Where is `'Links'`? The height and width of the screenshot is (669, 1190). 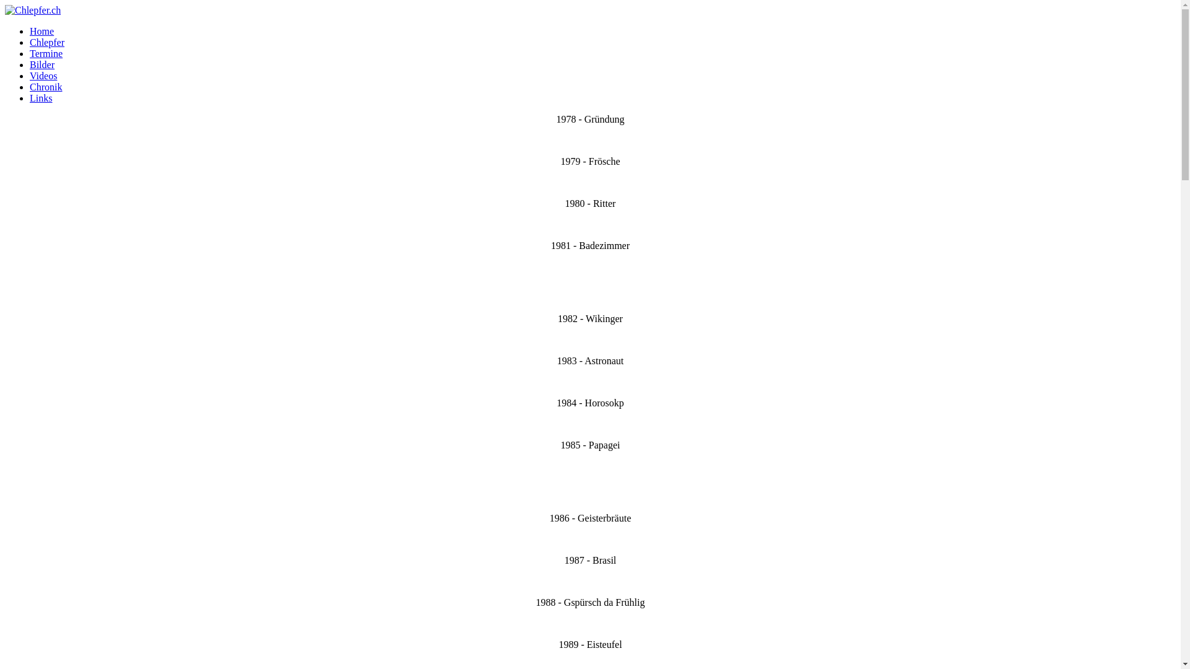 'Links' is located at coordinates (41, 97).